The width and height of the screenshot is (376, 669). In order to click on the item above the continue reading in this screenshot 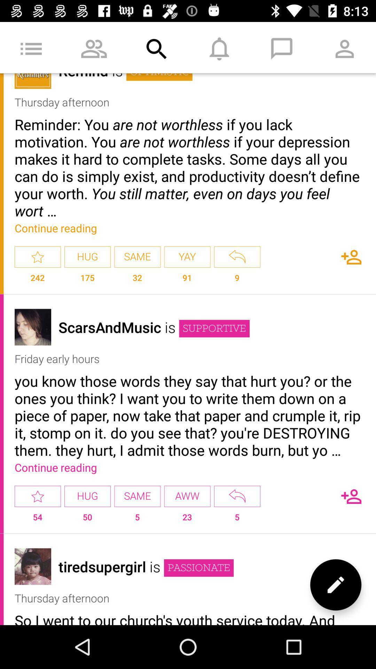, I will do `click(188, 415)`.